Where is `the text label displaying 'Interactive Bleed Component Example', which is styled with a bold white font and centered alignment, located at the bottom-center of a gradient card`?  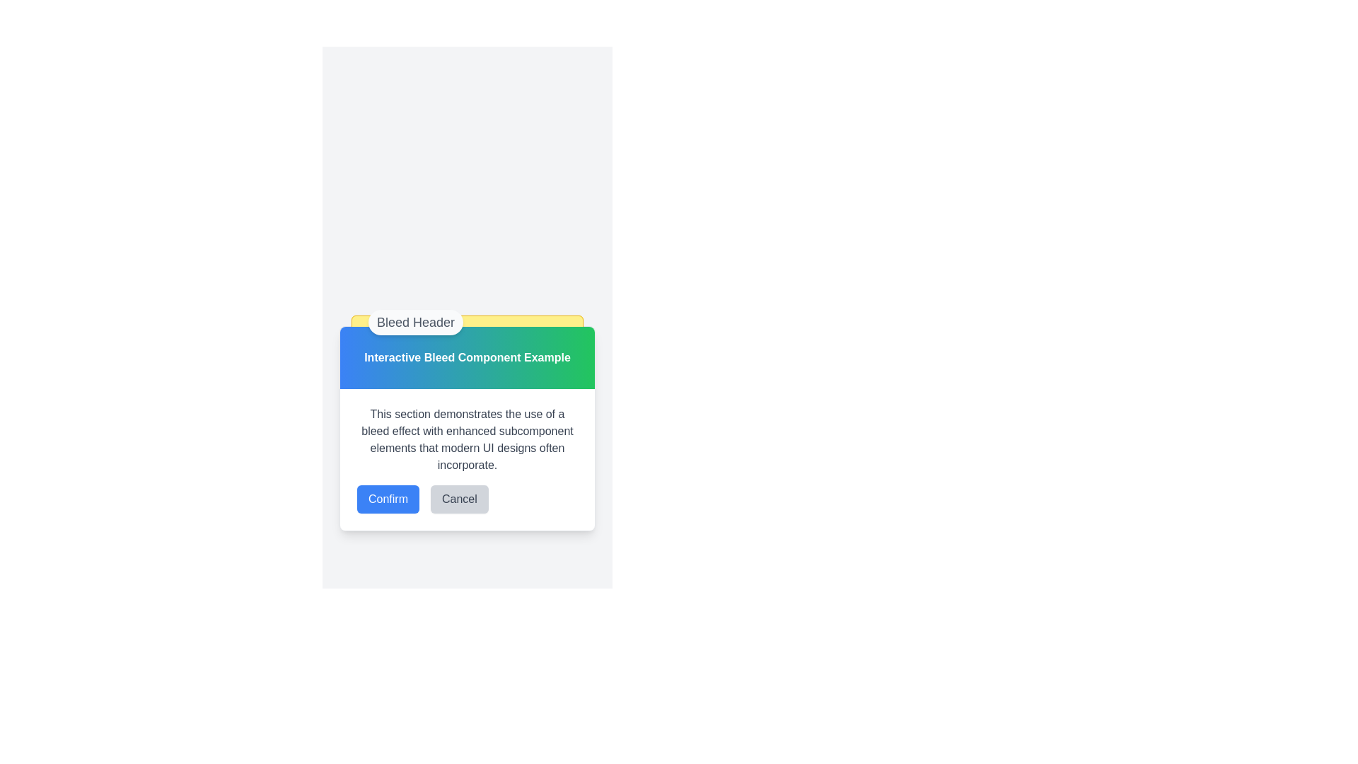
the text label displaying 'Interactive Bleed Component Example', which is styled with a bold white font and centered alignment, located at the bottom-center of a gradient card is located at coordinates (468, 357).